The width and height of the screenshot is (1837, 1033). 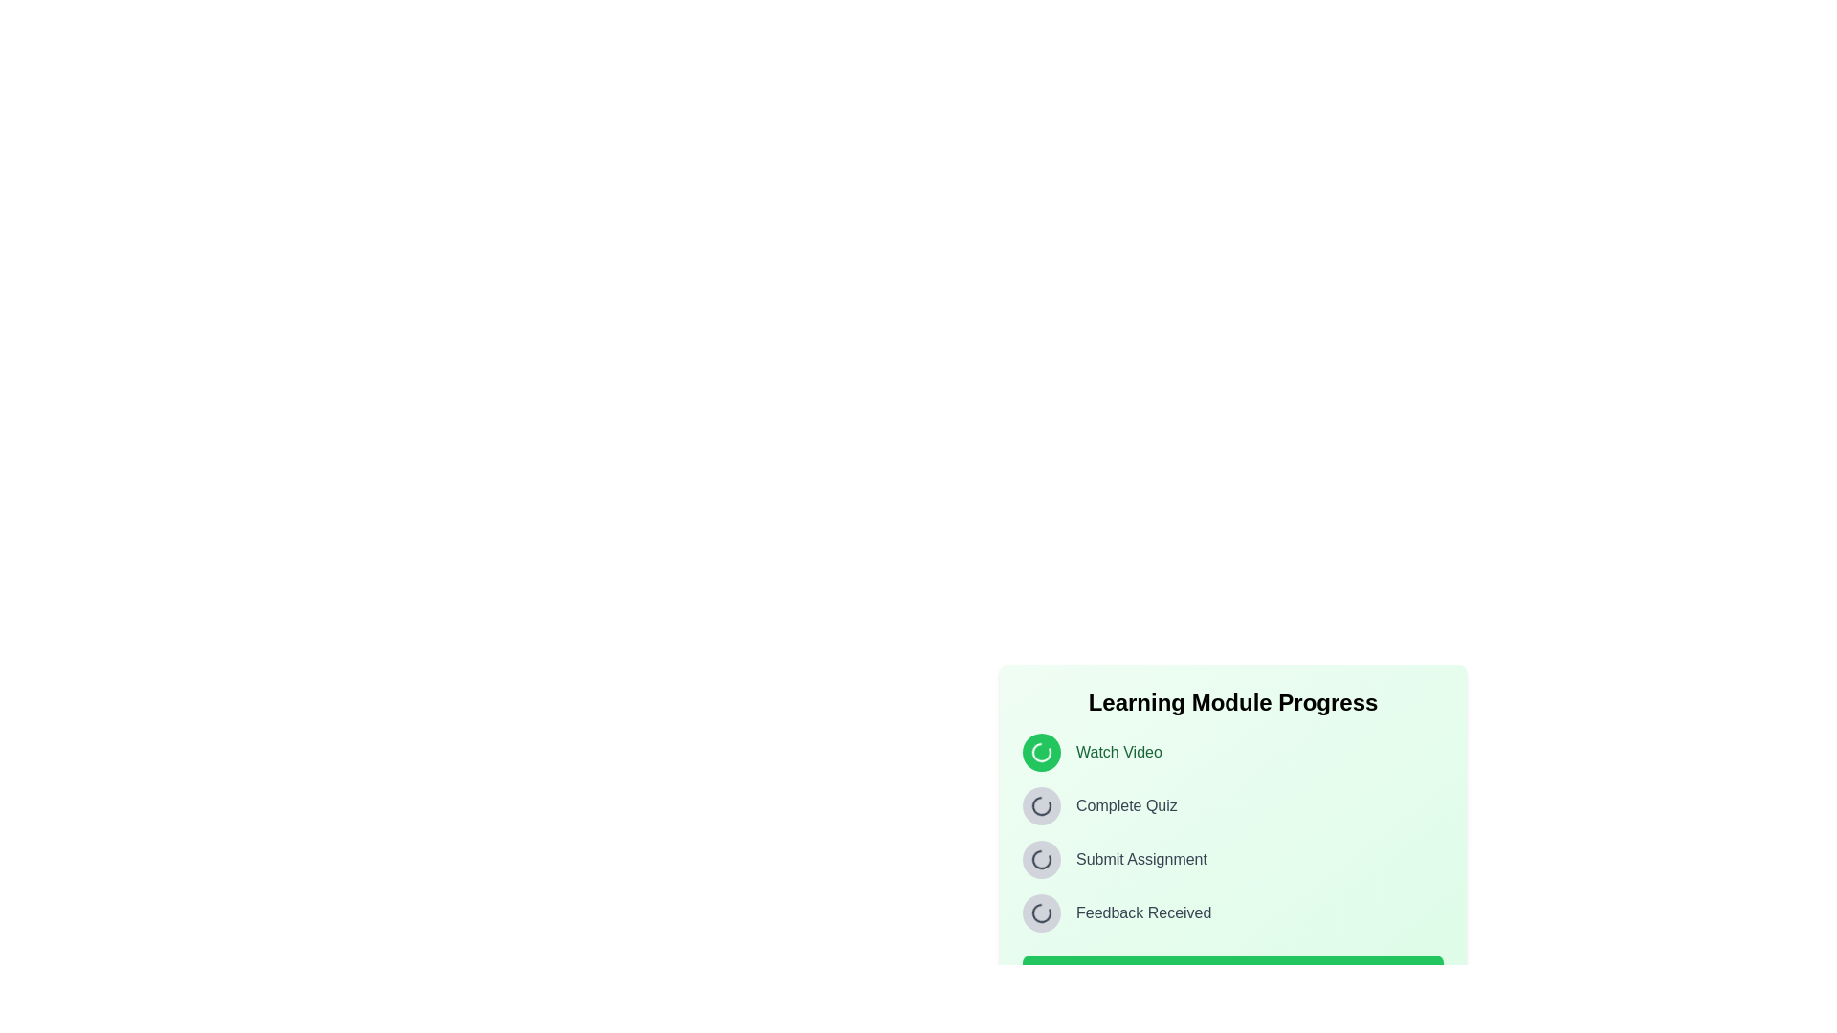 What do you see at coordinates (1041, 806) in the screenshot?
I see `the status of the loading spinner icon located to the left of the 'Complete Quiz' text in the 'Learning Module Progress' section` at bounding box center [1041, 806].